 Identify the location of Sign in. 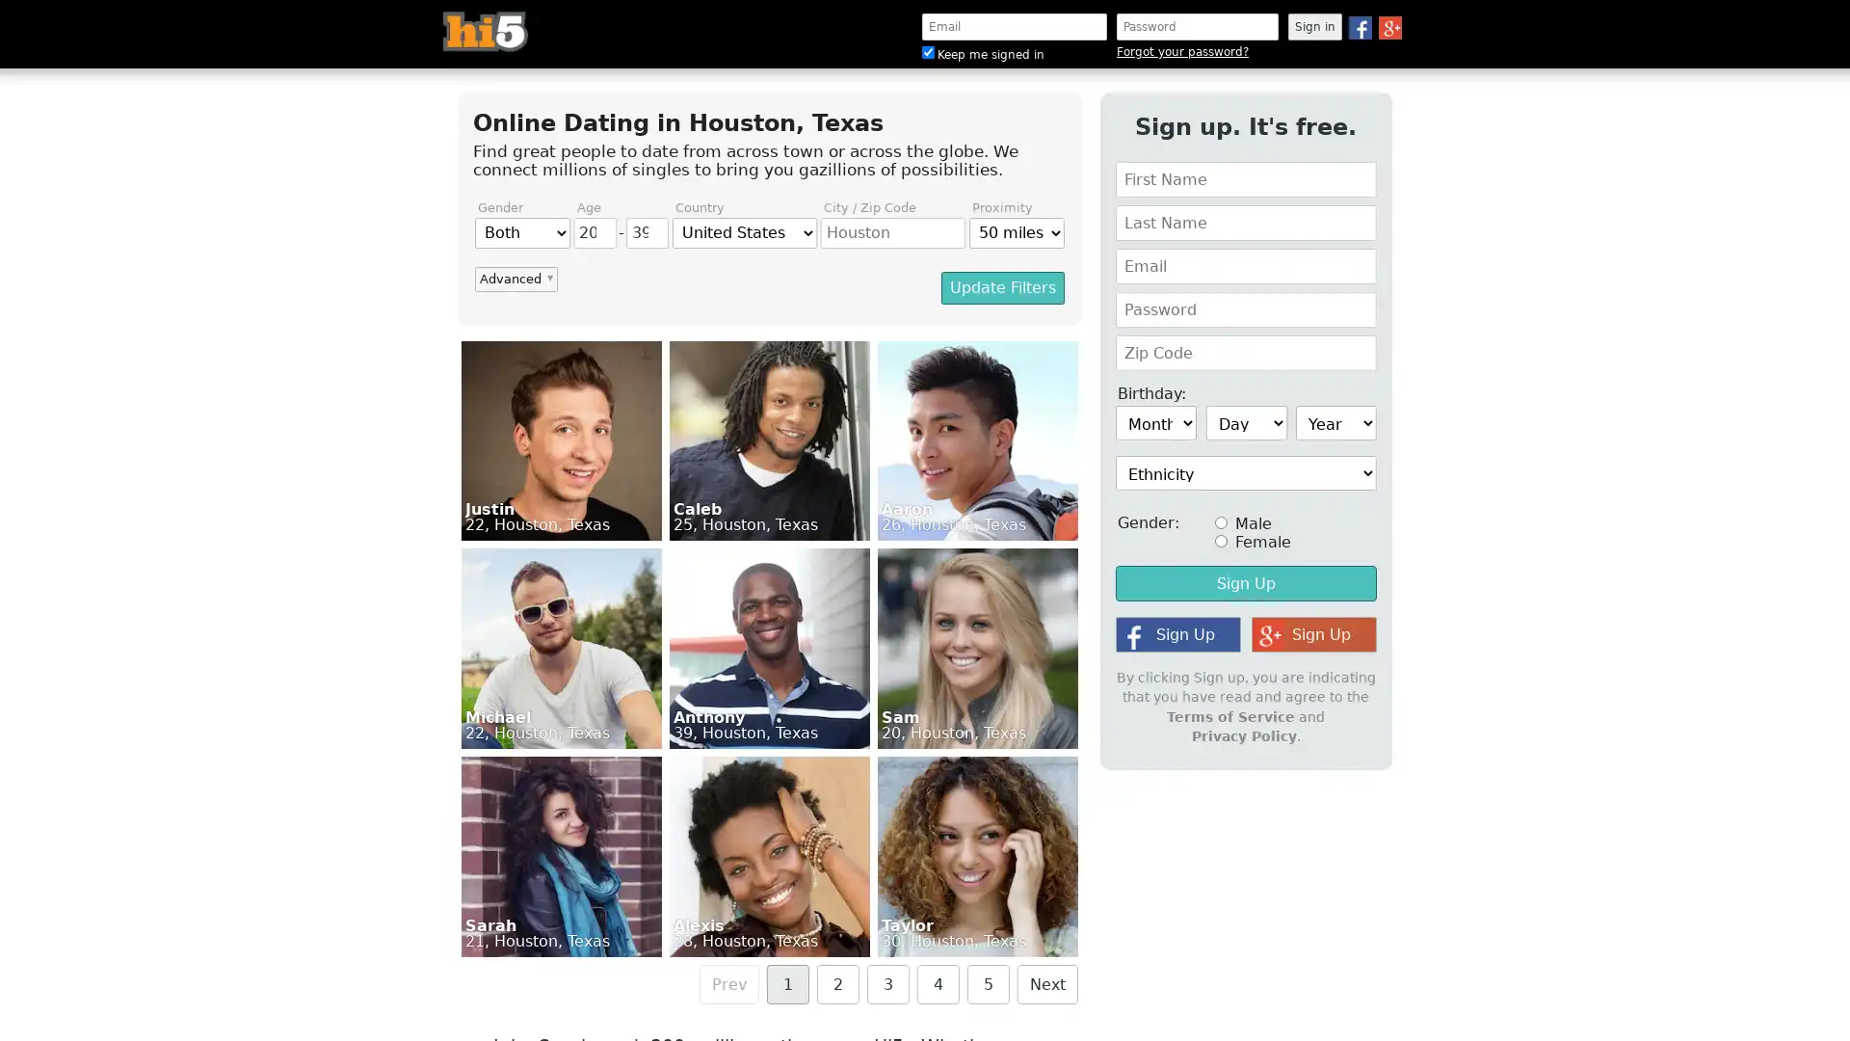
(1313, 26).